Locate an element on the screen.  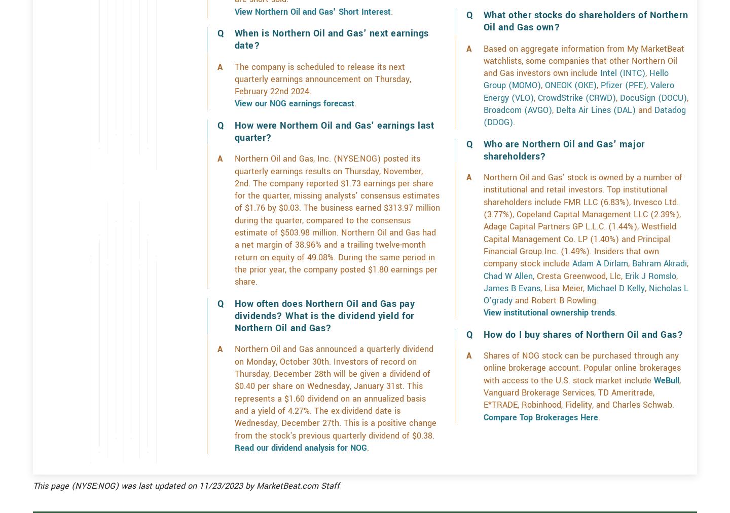
'How do I buy shares of Northern Oil and Gas?' is located at coordinates (583, 370).